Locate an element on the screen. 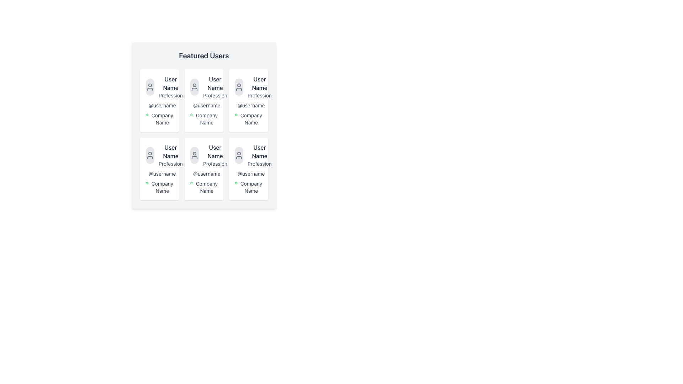 The image size is (683, 384). the user profile card snippet located in the lower right quadrant of a 3x2 grid, specifically the sixth card, to view user-specific information is located at coordinates (248, 155).